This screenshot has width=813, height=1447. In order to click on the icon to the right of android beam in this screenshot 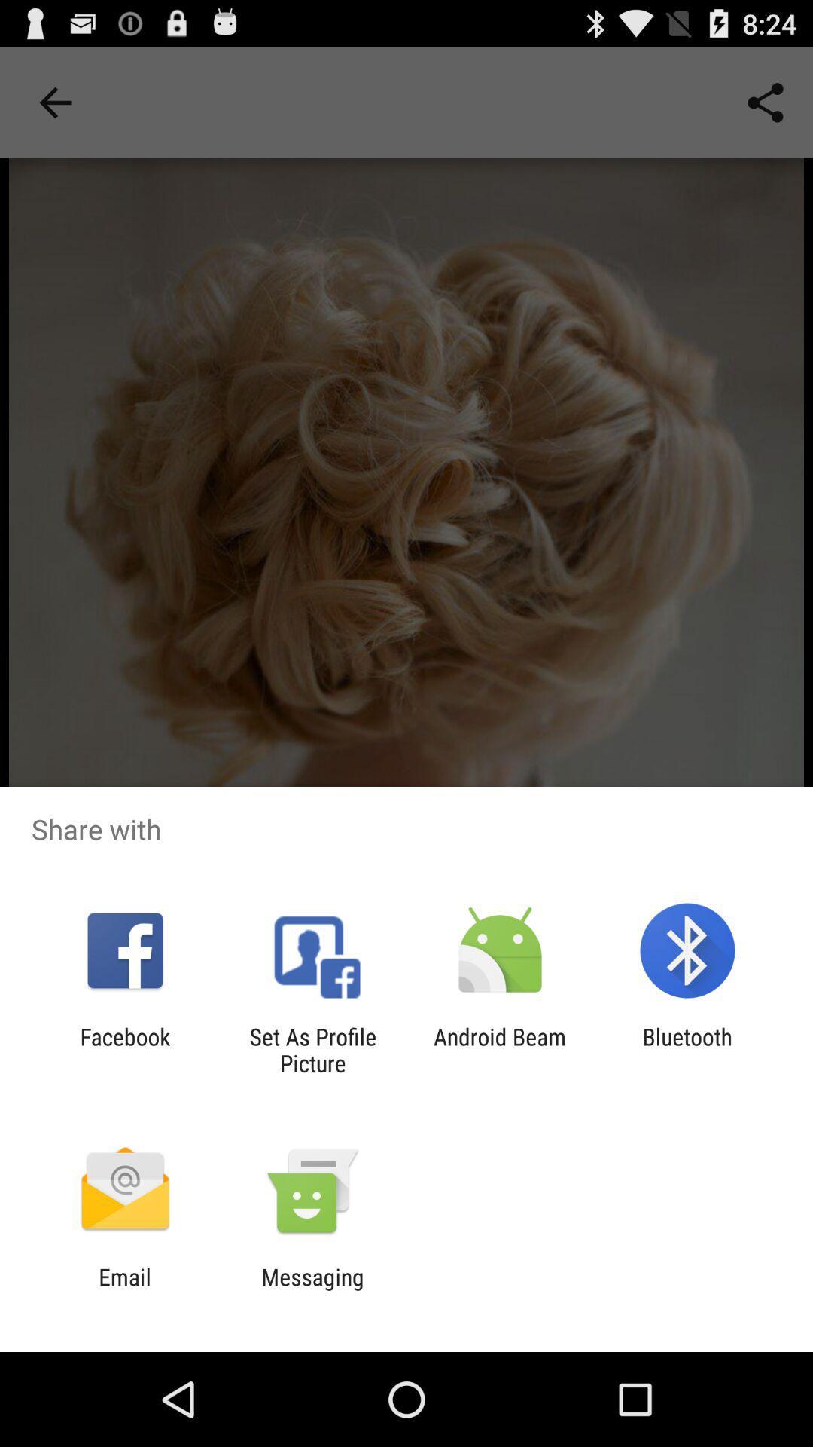, I will do `click(687, 1049)`.